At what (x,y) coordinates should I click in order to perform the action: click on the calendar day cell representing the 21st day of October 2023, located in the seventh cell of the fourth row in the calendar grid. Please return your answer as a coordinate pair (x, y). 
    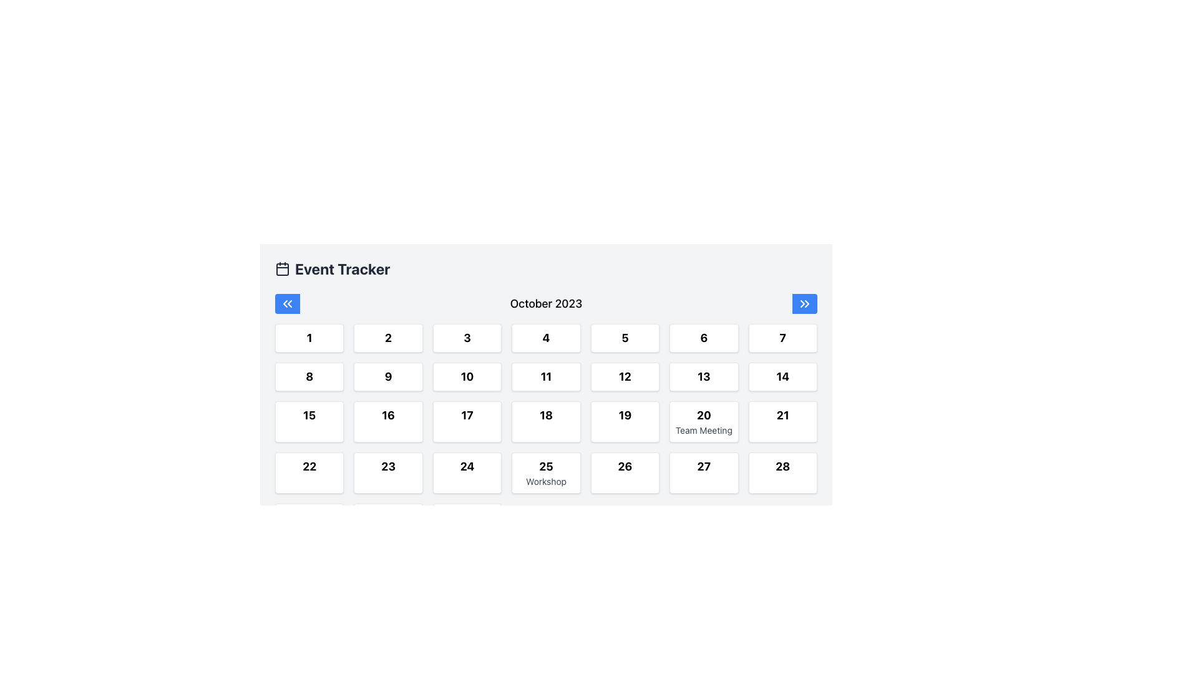
    Looking at the image, I should click on (782, 421).